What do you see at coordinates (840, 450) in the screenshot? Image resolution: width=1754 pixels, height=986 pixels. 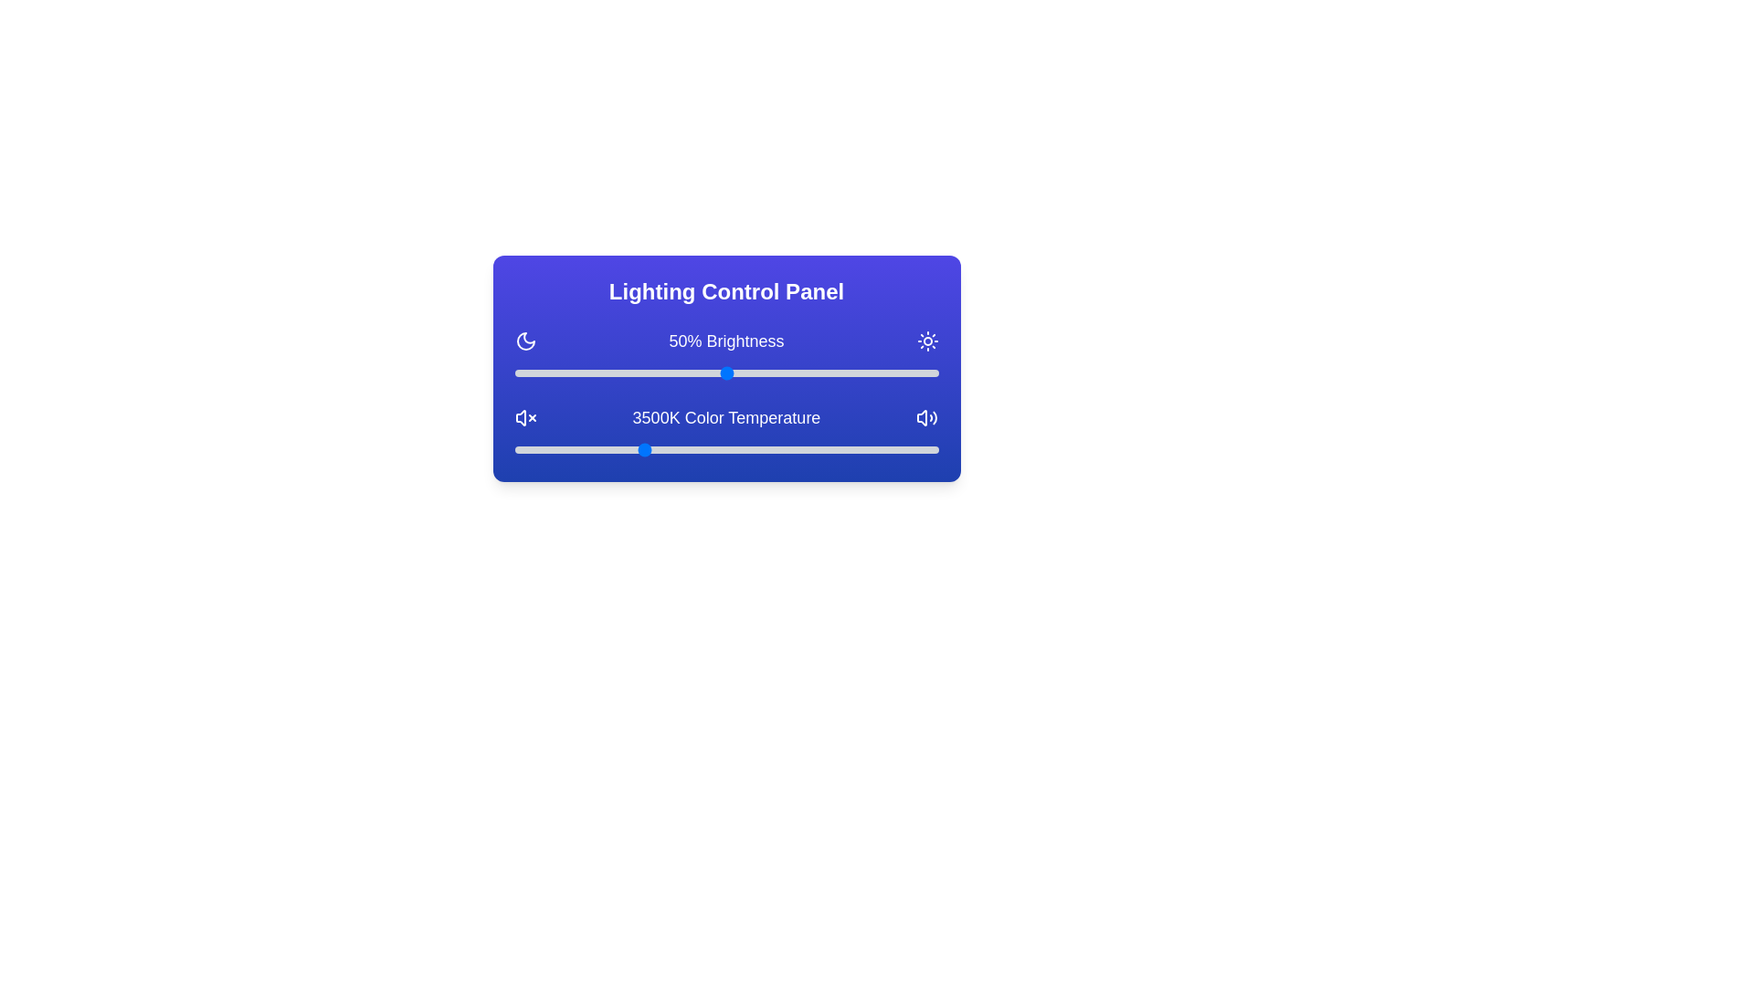 I see `the color temperature slider to 5858 K` at bounding box center [840, 450].